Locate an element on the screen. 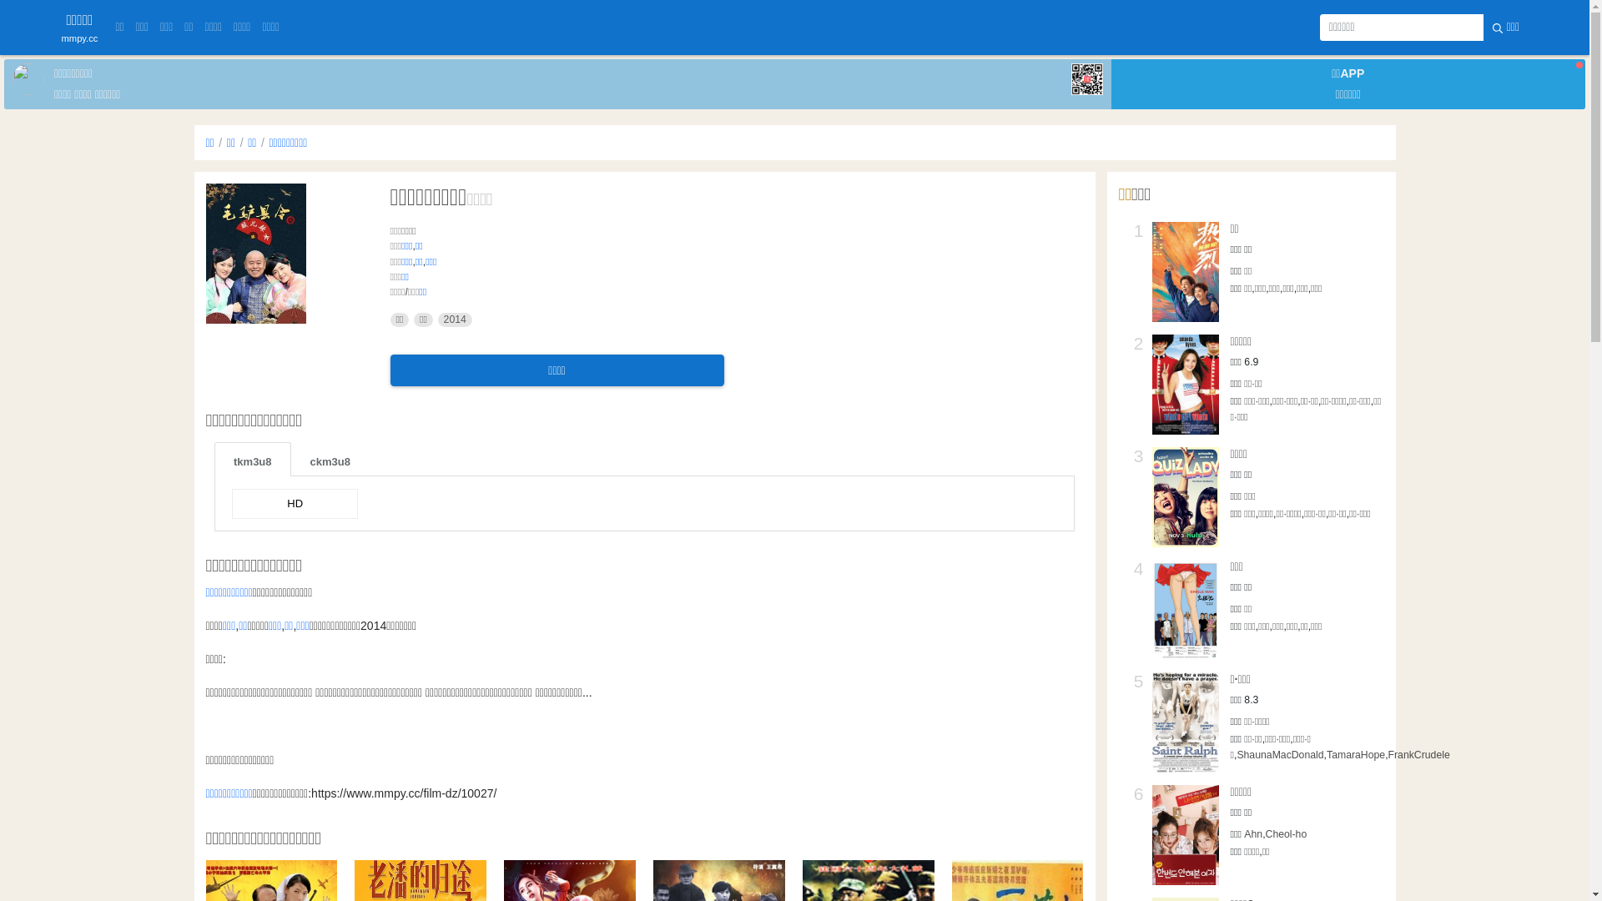 This screenshot has width=1602, height=901. 'Ahn' is located at coordinates (1253, 833).